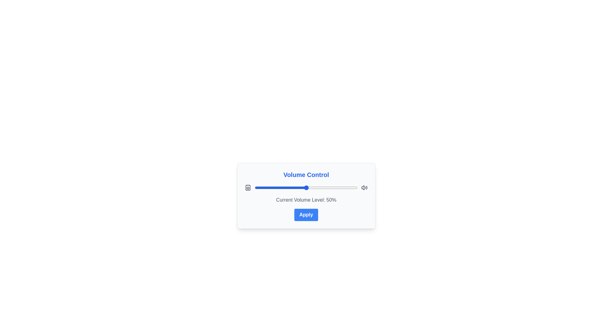 Image resolution: width=593 pixels, height=333 pixels. Describe the element at coordinates (261, 187) in the screenshot. I see `the slider` at that location.